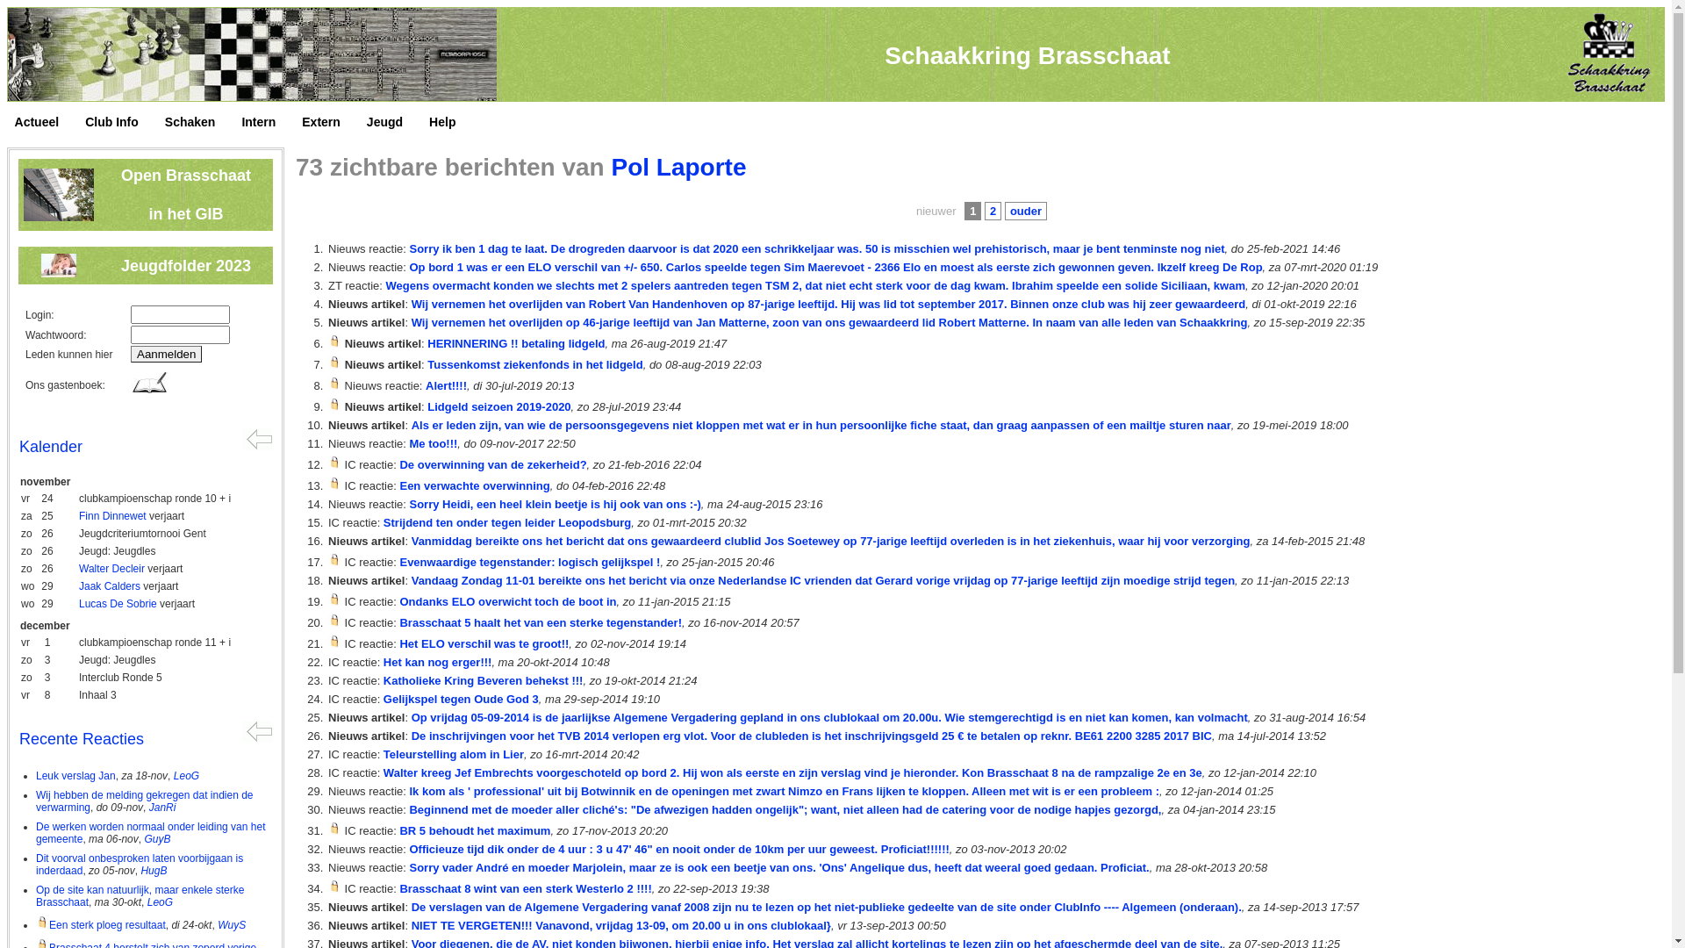 The image size is (1685, 948). I want to click on 'Gelijkspel tegen Oude God 3', so click(461, 698).